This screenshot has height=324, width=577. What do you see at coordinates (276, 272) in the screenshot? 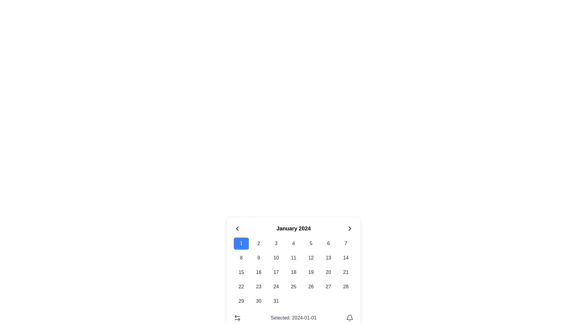
I see `the date '17' in the calendar by clicking on the button-like calendar cell located in the third row and third column of the grid` at bounding box center [276, 272].